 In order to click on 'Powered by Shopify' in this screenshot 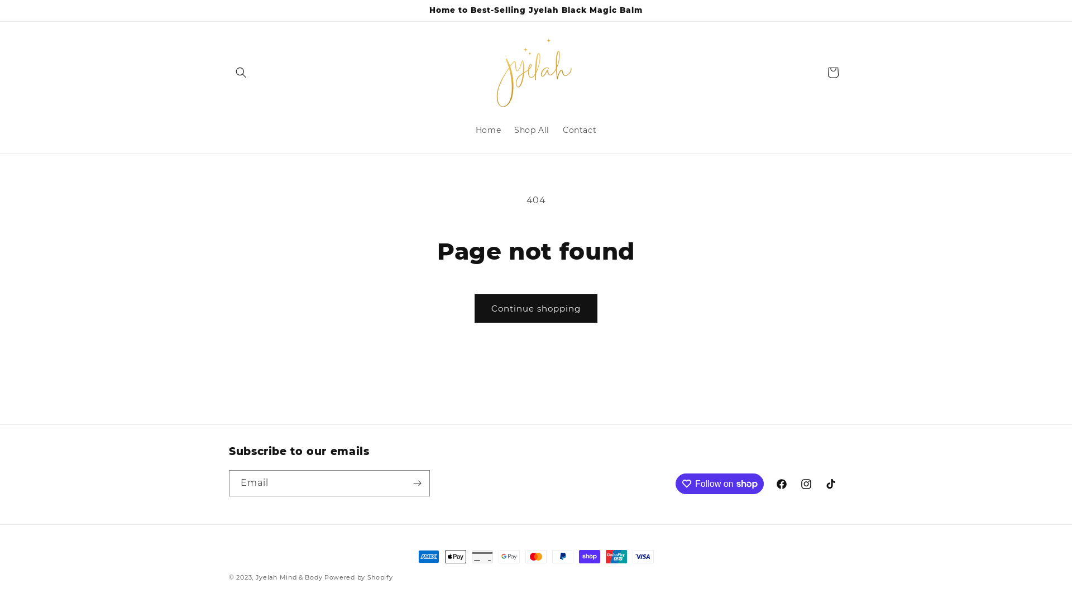, I will do `click(323, 577)`.